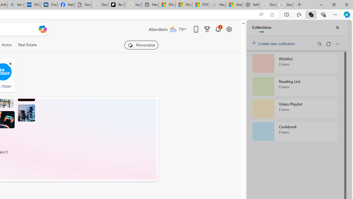 This screenshot has width=353, height=199. I want to click on 'FOX News - MSN', so click(200, 5).